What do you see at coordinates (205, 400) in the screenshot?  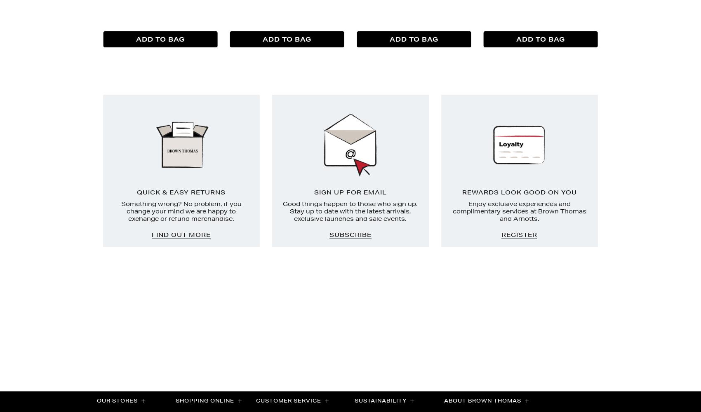 I see `'Shopping Online'` at bounding box center [205, 400].